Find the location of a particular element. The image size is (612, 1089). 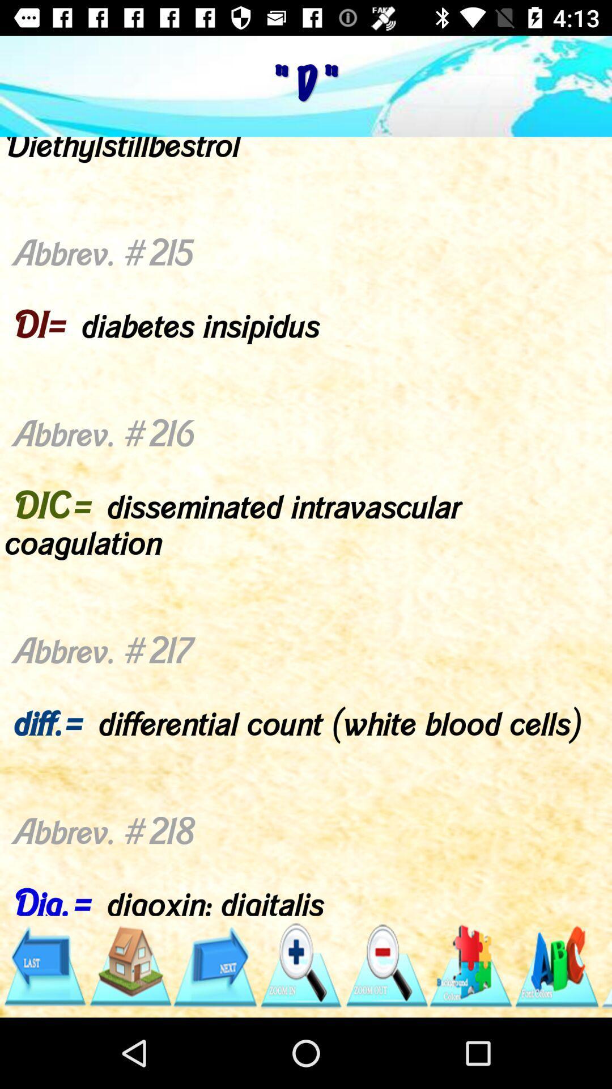

the arrow_forward icon is located at coordinates (215, 965).